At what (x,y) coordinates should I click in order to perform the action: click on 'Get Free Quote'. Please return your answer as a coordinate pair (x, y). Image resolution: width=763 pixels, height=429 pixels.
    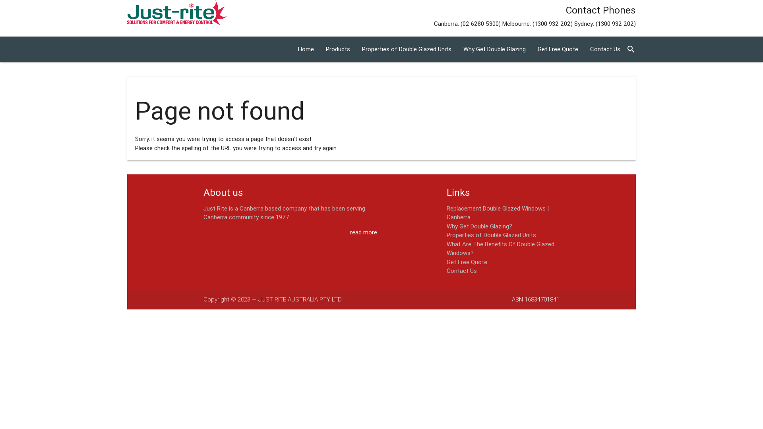
    Looking at the image, I should click on (467, 262).